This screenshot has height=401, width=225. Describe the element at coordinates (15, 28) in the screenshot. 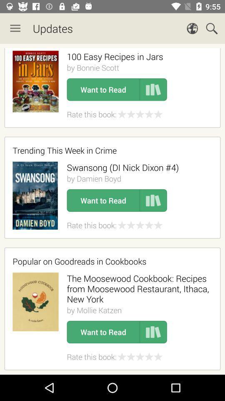

I see `item to the left of updates icon` at that location.